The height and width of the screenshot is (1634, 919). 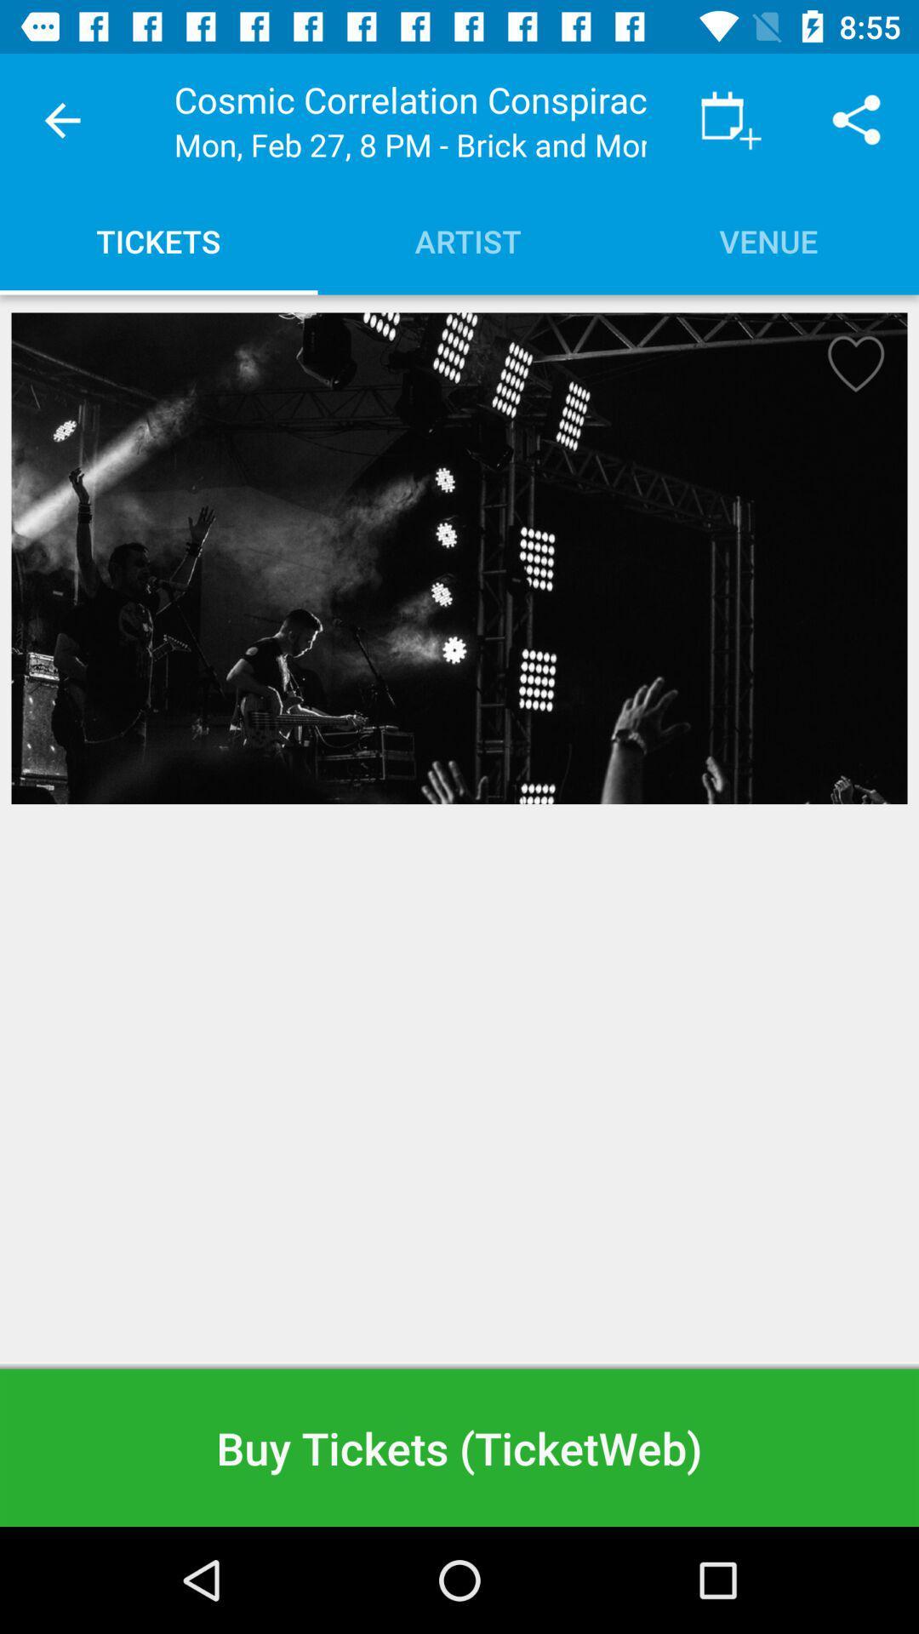 What do you see at coordinates (61, 119) in the screenshot?
I see `icon above the tickets item` at bounding box center [61, 119].